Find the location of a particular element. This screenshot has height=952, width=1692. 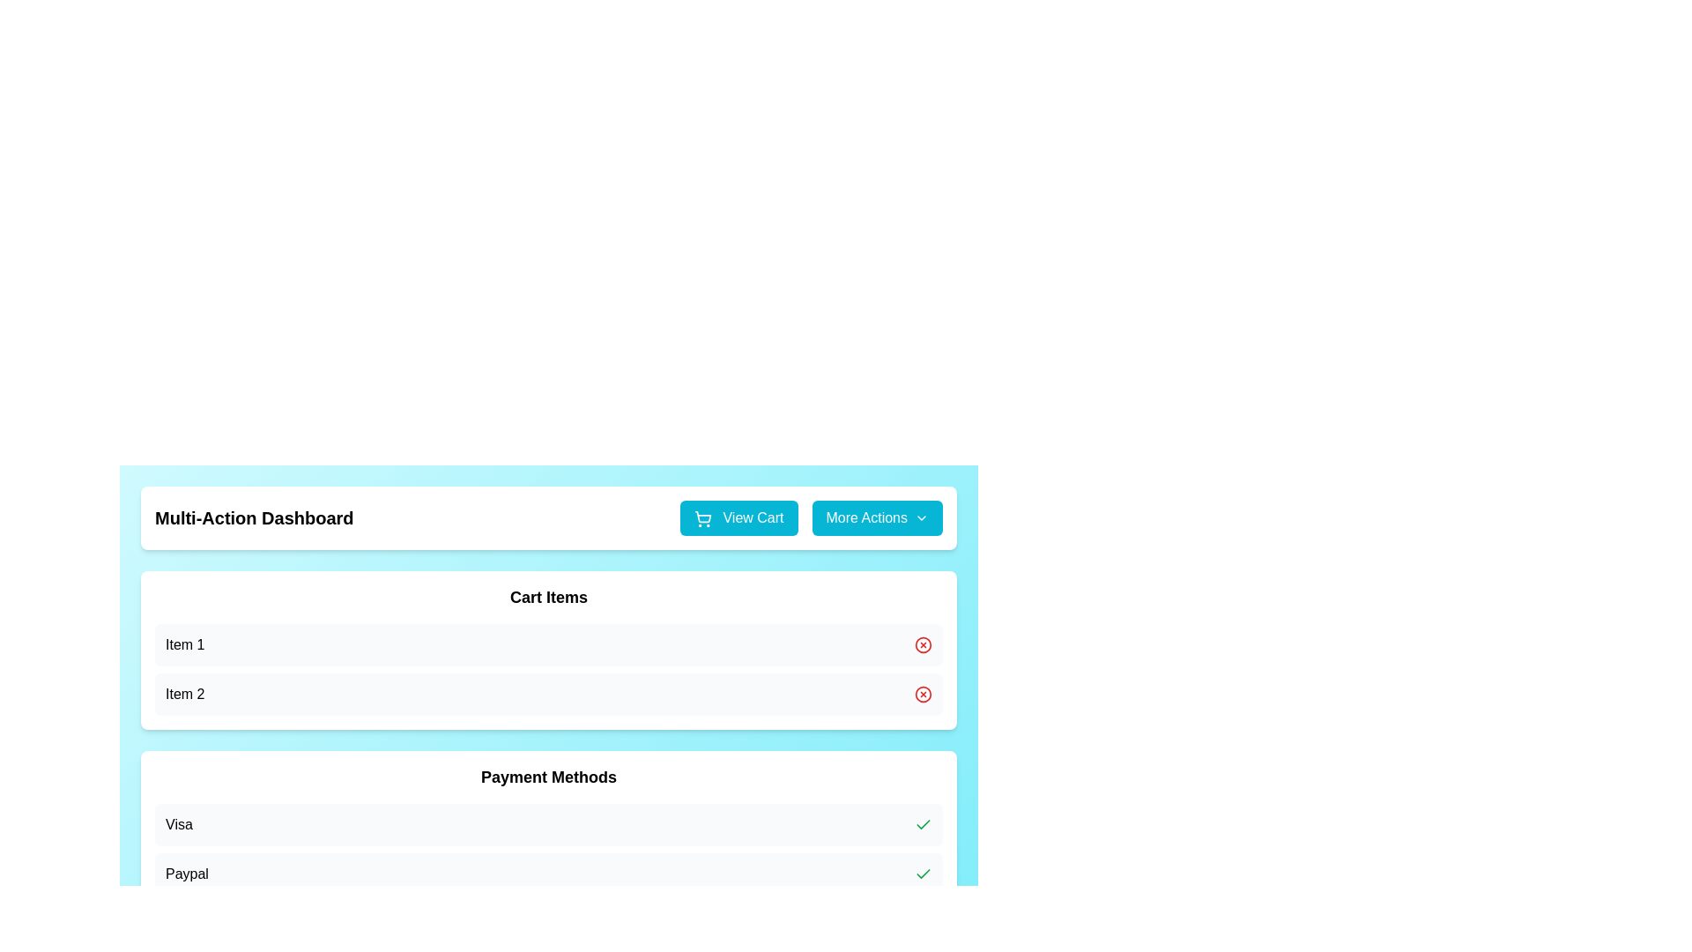

the text label reading 'Multi-Action Dashboard' which is styled with bold and large font and positioned at the upper left corner of its section is located at coordinates (253, 517).